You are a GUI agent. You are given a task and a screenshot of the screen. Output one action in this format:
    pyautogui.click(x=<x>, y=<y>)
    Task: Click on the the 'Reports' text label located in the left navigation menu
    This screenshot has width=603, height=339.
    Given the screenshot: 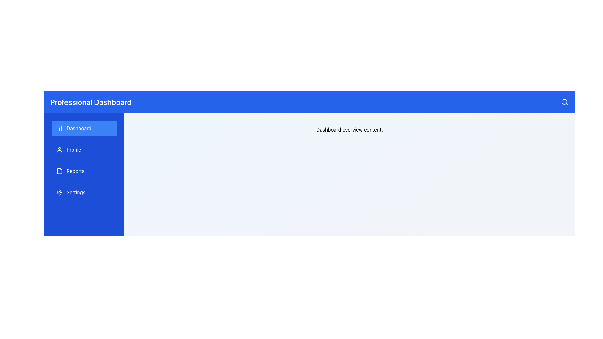 What is the action you would take?
    pyautogui.click(x=75, y=171)
    